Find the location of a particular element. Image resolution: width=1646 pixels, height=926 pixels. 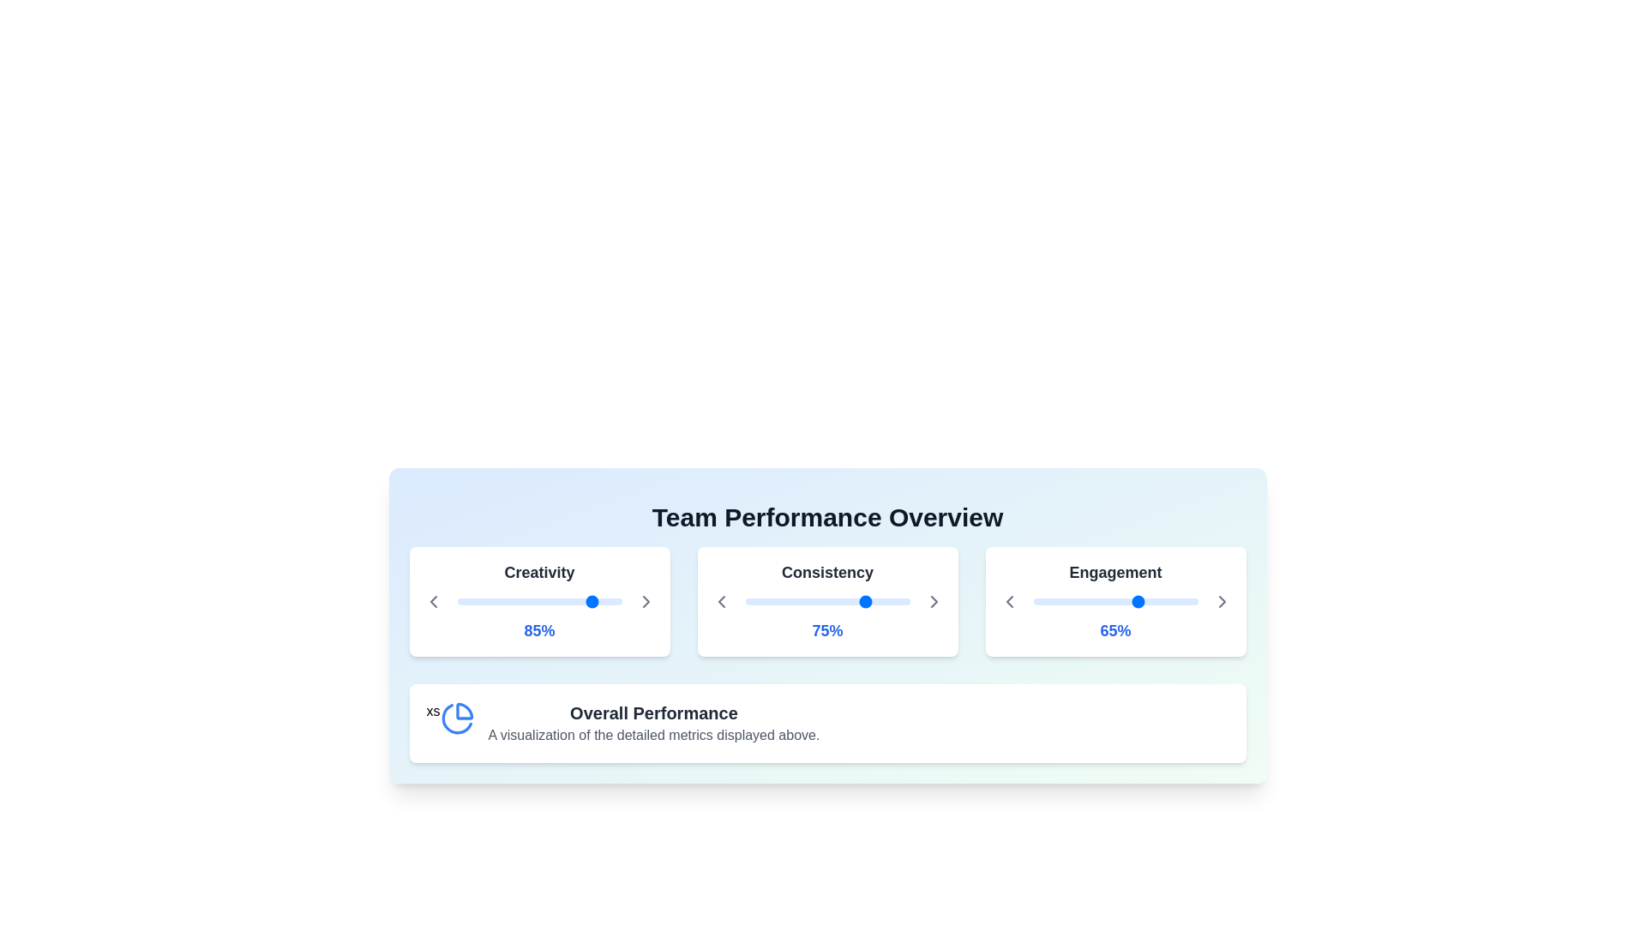

Creativity level is located at coordinates (466, 601).